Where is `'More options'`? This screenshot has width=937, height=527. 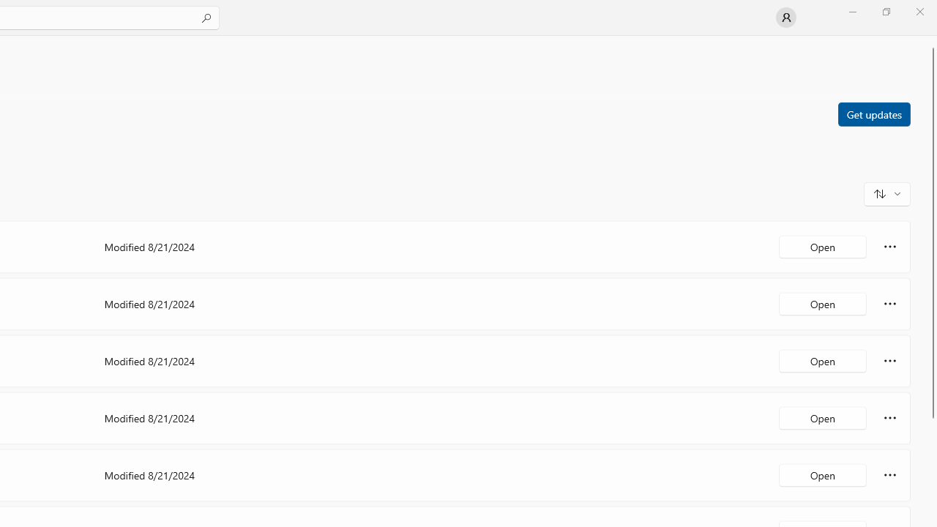
'More options' is located at coordinates (889, 475).